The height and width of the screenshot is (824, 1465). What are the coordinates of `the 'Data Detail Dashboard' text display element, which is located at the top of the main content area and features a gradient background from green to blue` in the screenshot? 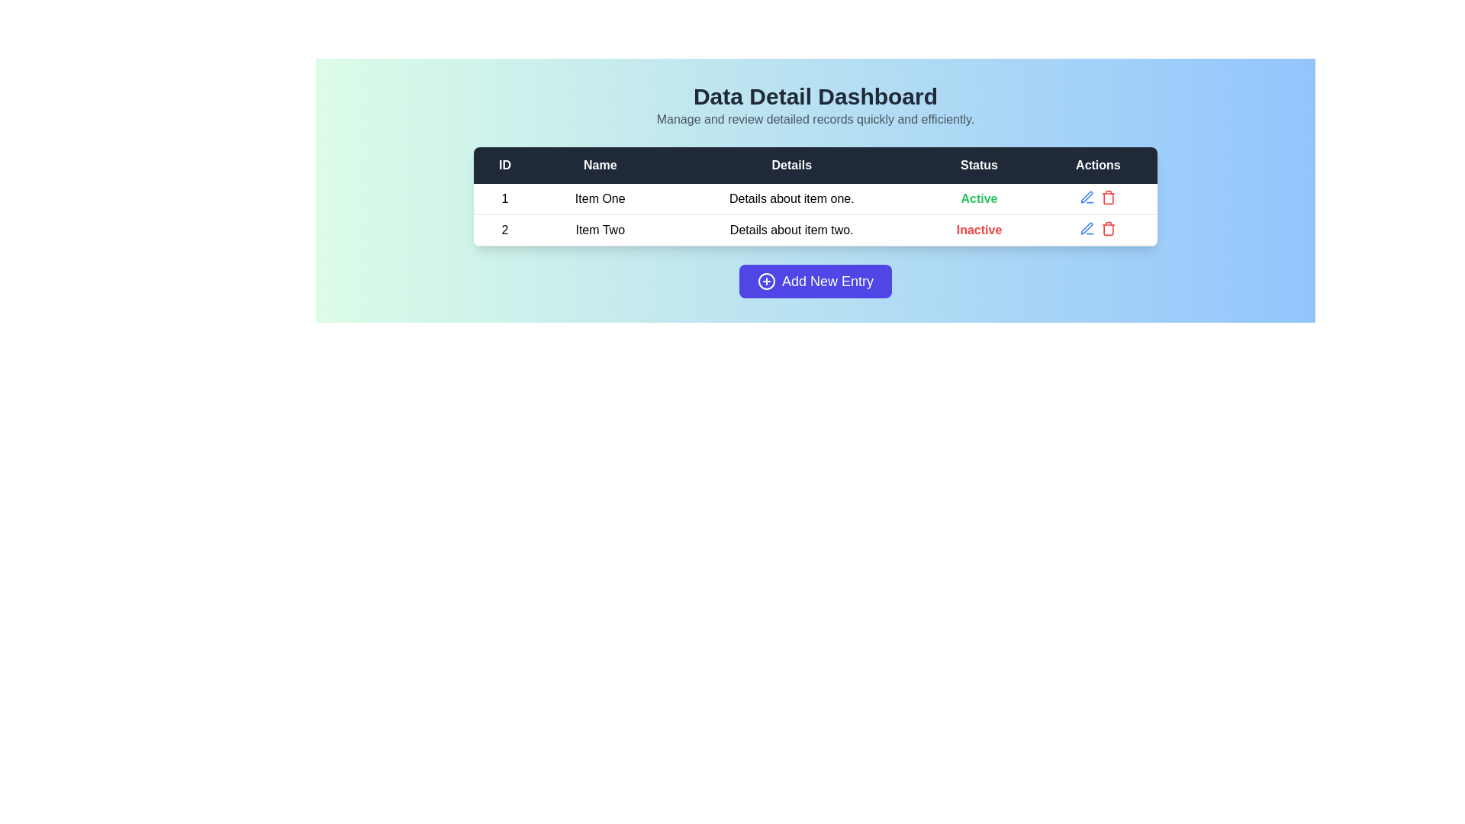 It's located at (815, 105).